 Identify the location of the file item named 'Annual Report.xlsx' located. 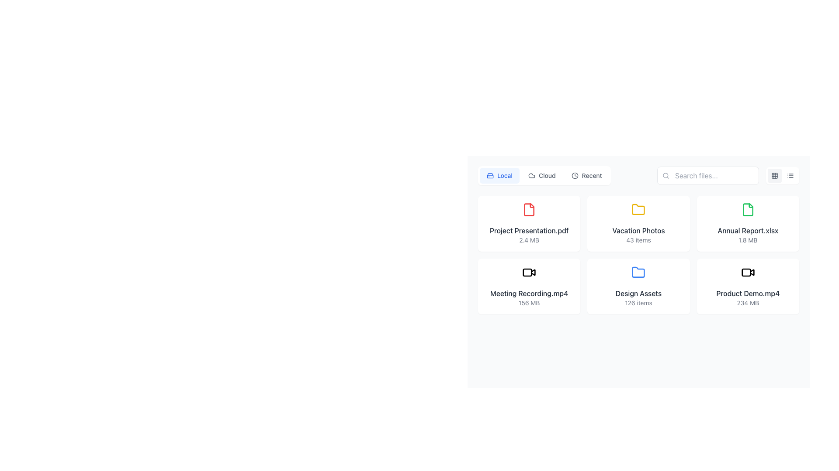
(747, 223).